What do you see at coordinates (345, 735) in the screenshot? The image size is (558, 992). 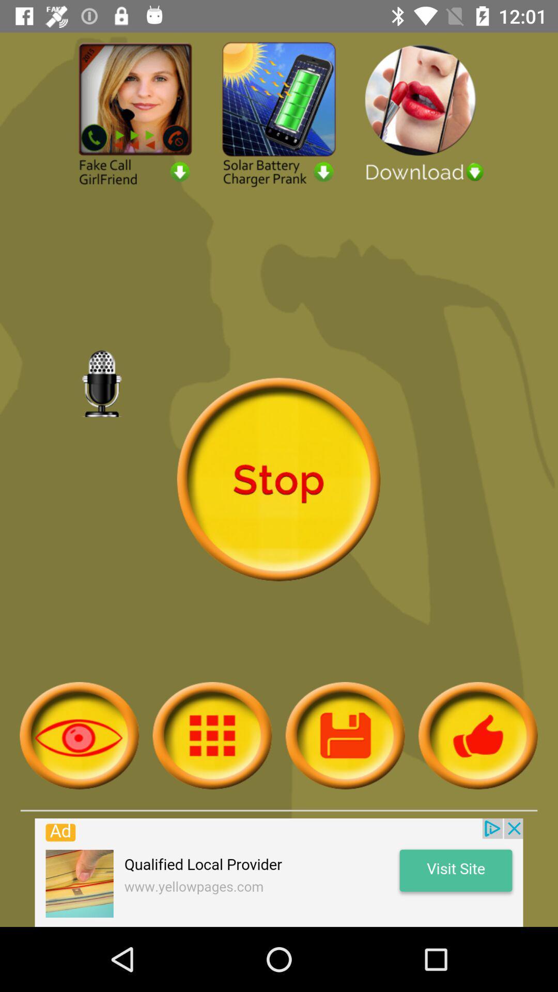 I see `save` at bounding box center [345, 735].